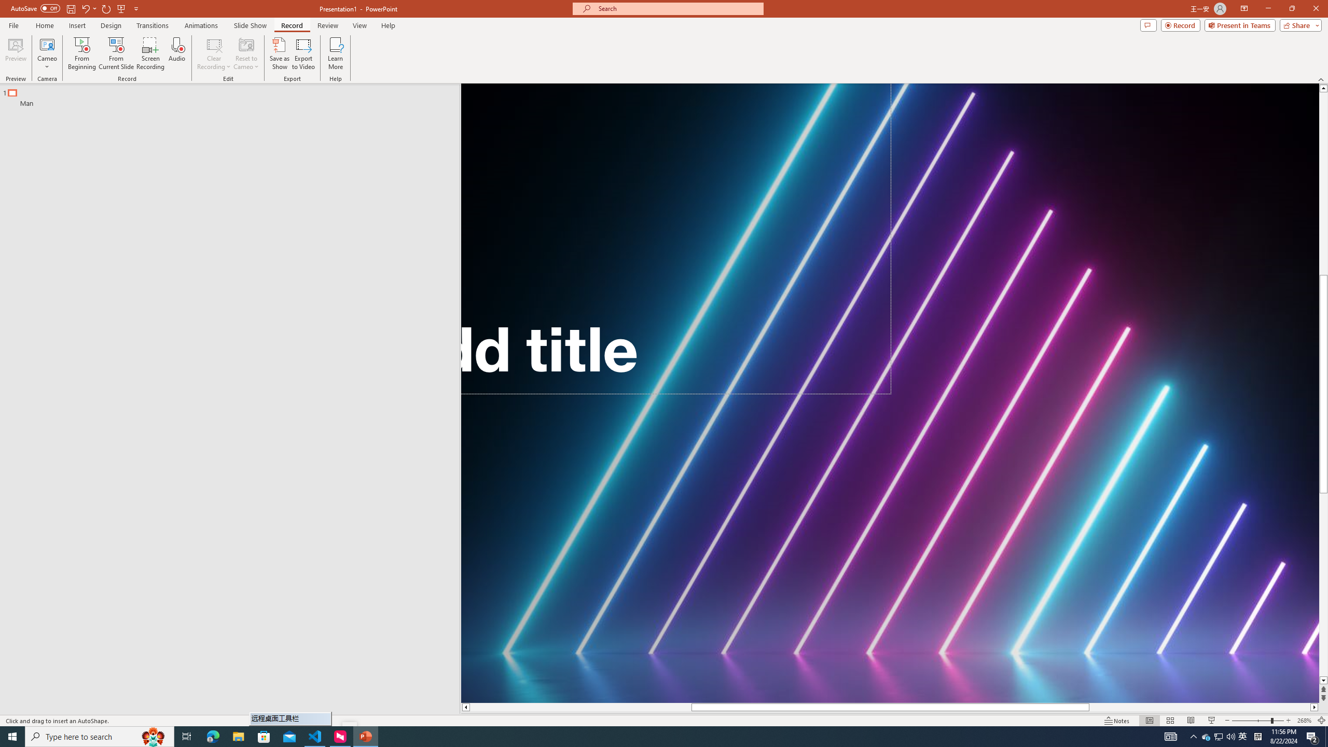 The image size is (1328, 747). What do you see at coordinates (245, 53) in the screenshot?
I see `'Reset to Cameo'` at bounding box center [245, 53].